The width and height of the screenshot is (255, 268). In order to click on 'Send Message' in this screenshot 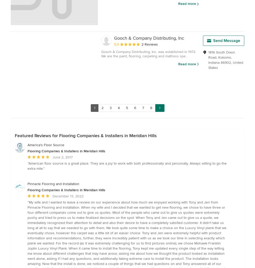, I will do `click(227, 40)`.